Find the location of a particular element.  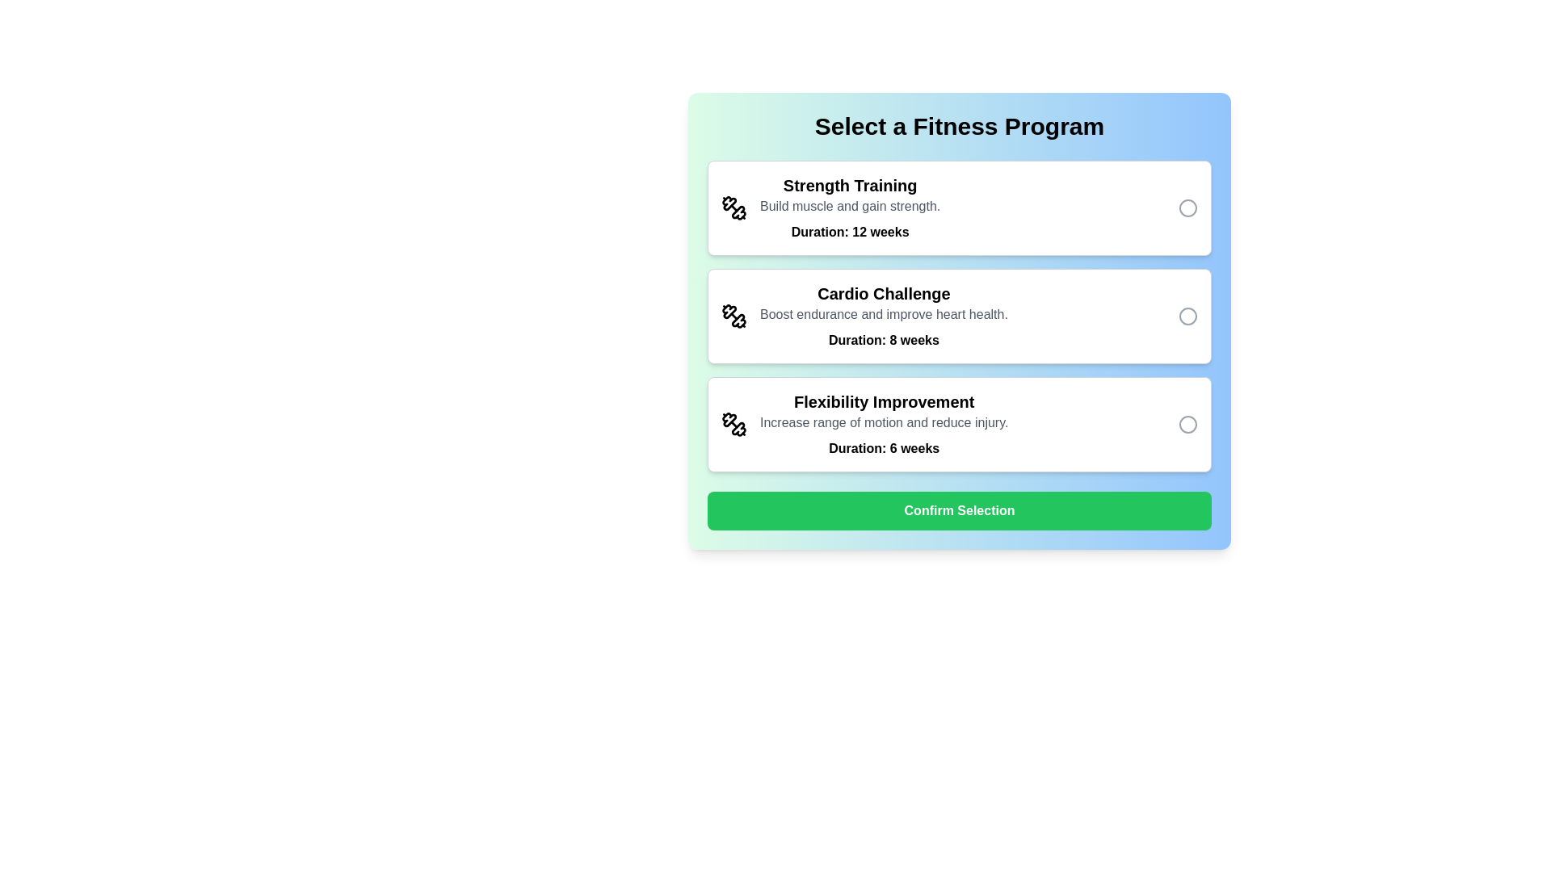

the text label displaying 'Duration: 6 weeks' located at the bottom of the 'Flexibility Improvement' selection card is located at coordinates (883, 448).